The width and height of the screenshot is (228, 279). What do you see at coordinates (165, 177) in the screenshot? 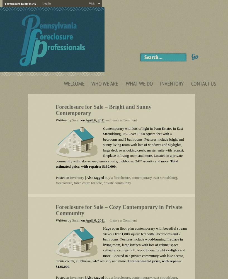
I see `'east stroudsburg'` at bounding box center [165, 177].